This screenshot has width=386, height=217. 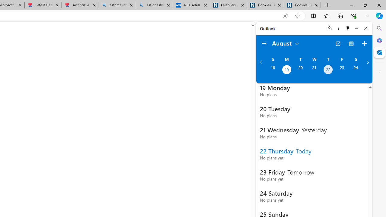 What do you see at coordinates (286, 70) in the screenshot?
I see `'Monday, August 19, 2024. Date selected. '` at bounding box center [286, 70].